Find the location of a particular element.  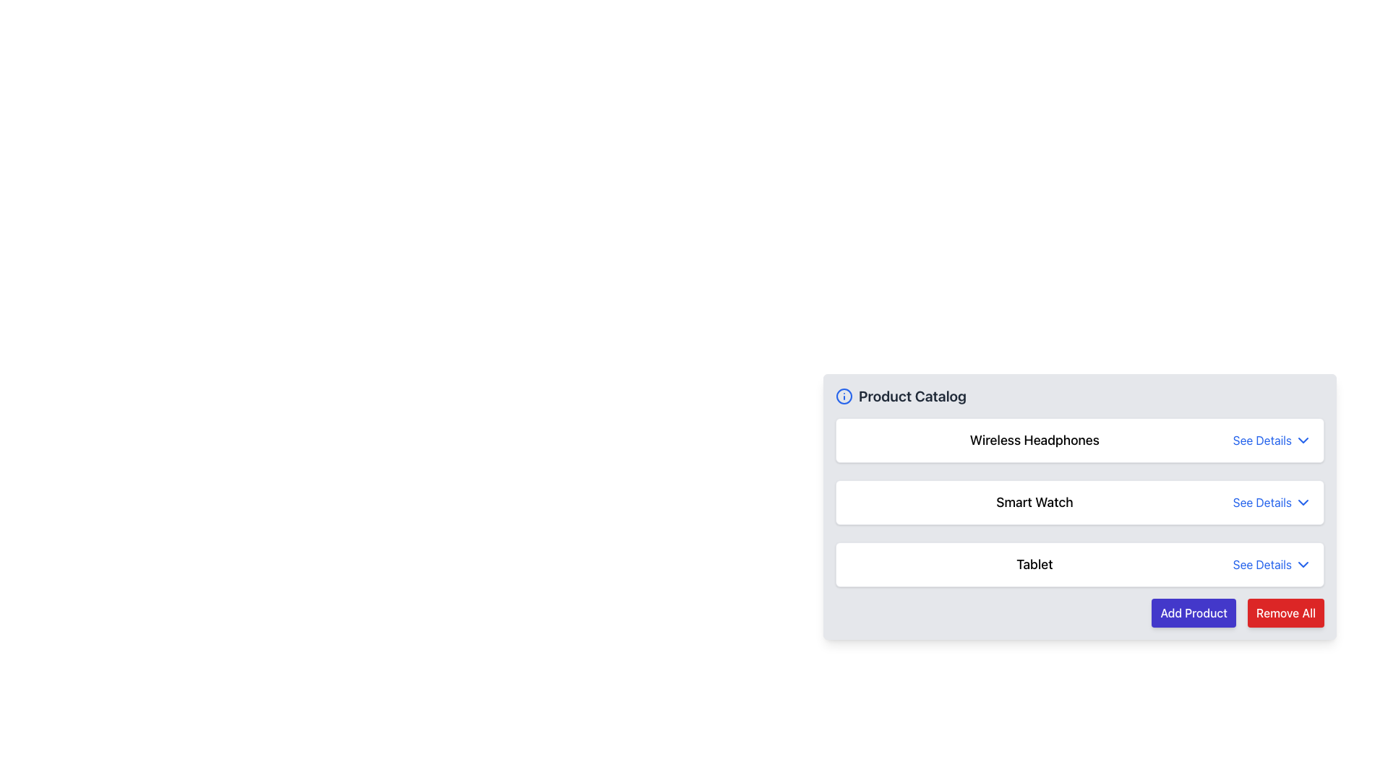

the 'See Details' link-text element located to the right of the 'Wireless Headphones' label in the product list interface is located at coordinates (1272, 439).